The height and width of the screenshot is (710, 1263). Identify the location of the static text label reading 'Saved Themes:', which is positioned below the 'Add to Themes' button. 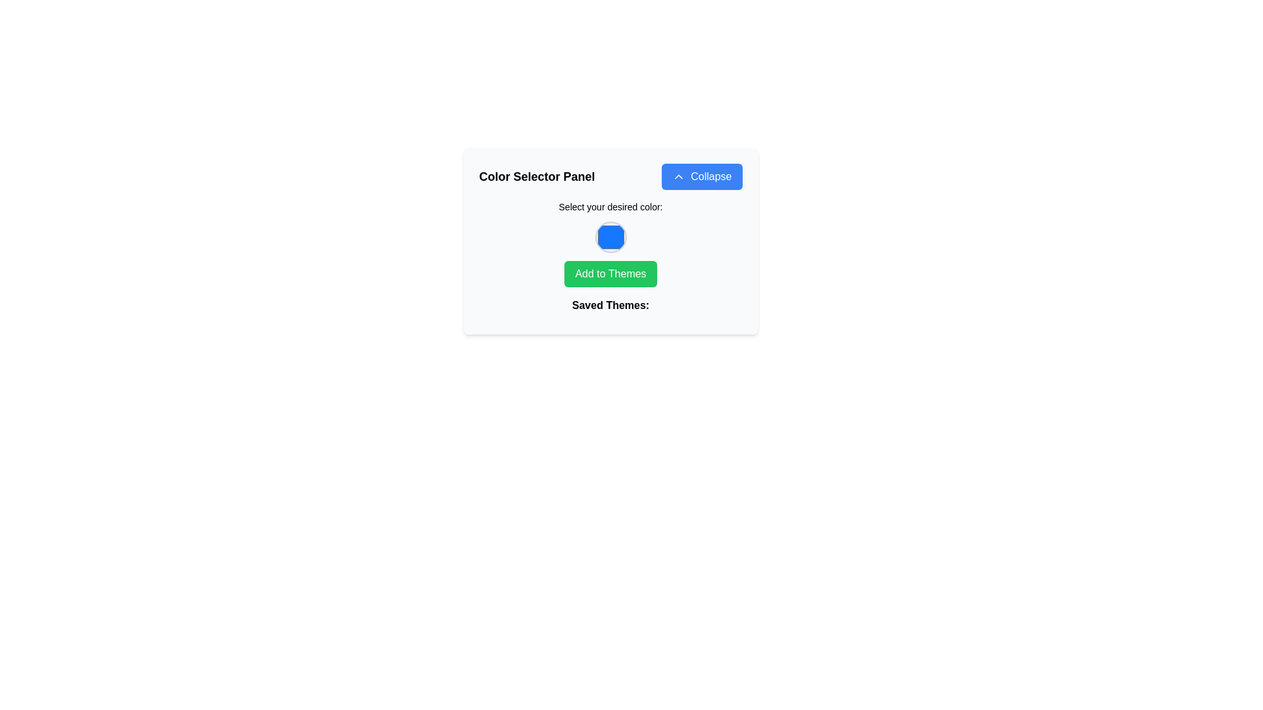
(610, 308).